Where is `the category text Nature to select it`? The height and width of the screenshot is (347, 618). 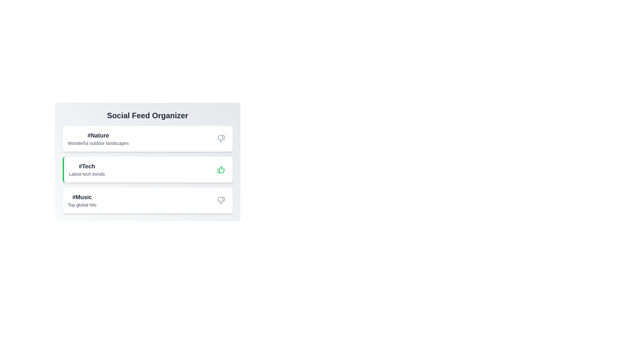
the category text Nature to select it is located at coordinates (98, 135).